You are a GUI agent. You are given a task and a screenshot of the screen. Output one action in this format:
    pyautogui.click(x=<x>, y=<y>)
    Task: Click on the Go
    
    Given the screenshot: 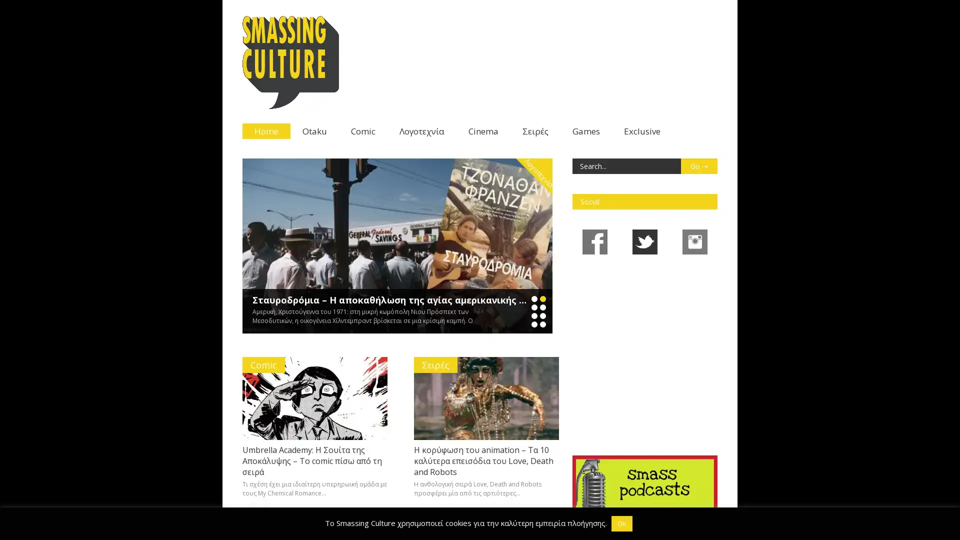 What is the action you would take?
    pyautogui.click(x=698, y=165)
    